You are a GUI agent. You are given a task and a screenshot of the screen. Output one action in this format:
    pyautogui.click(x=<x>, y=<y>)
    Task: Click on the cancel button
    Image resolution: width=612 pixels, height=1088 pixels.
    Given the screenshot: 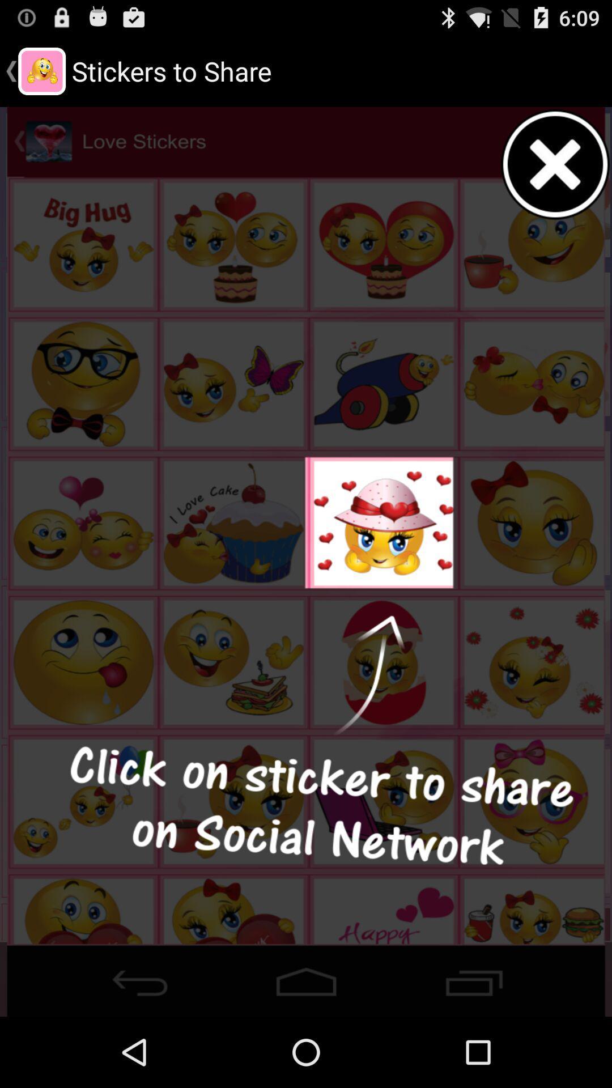 What is the action you would take?
    pyautogui.click(x=555, y=164)
    